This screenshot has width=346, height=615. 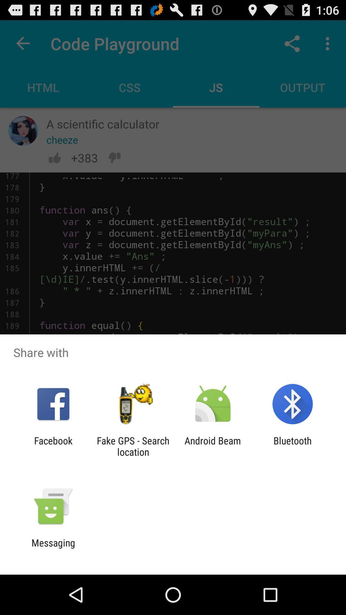 What do you see at coordinates (133, 446) in the screenshot?
I see `app to the left of the android beam` at bounding box center [133, 446].